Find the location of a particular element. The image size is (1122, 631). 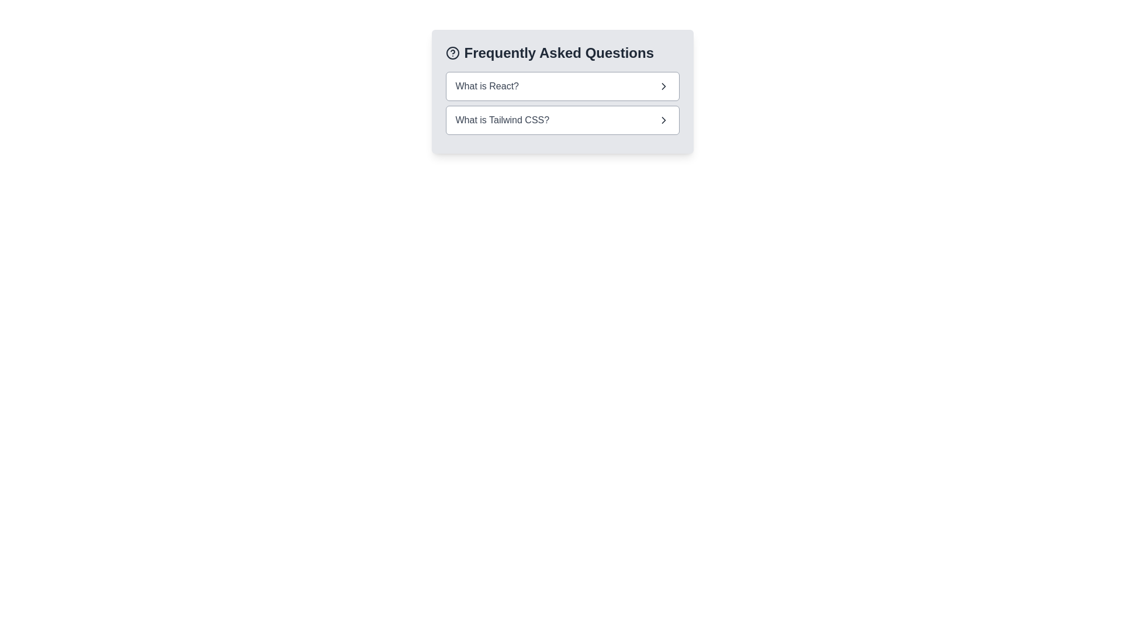

the help icon located at the top-left corner of the 'Frequently Asked Questions' section, which is positioned directly to the left of the text content in the header is located at coordinates (452, 53).